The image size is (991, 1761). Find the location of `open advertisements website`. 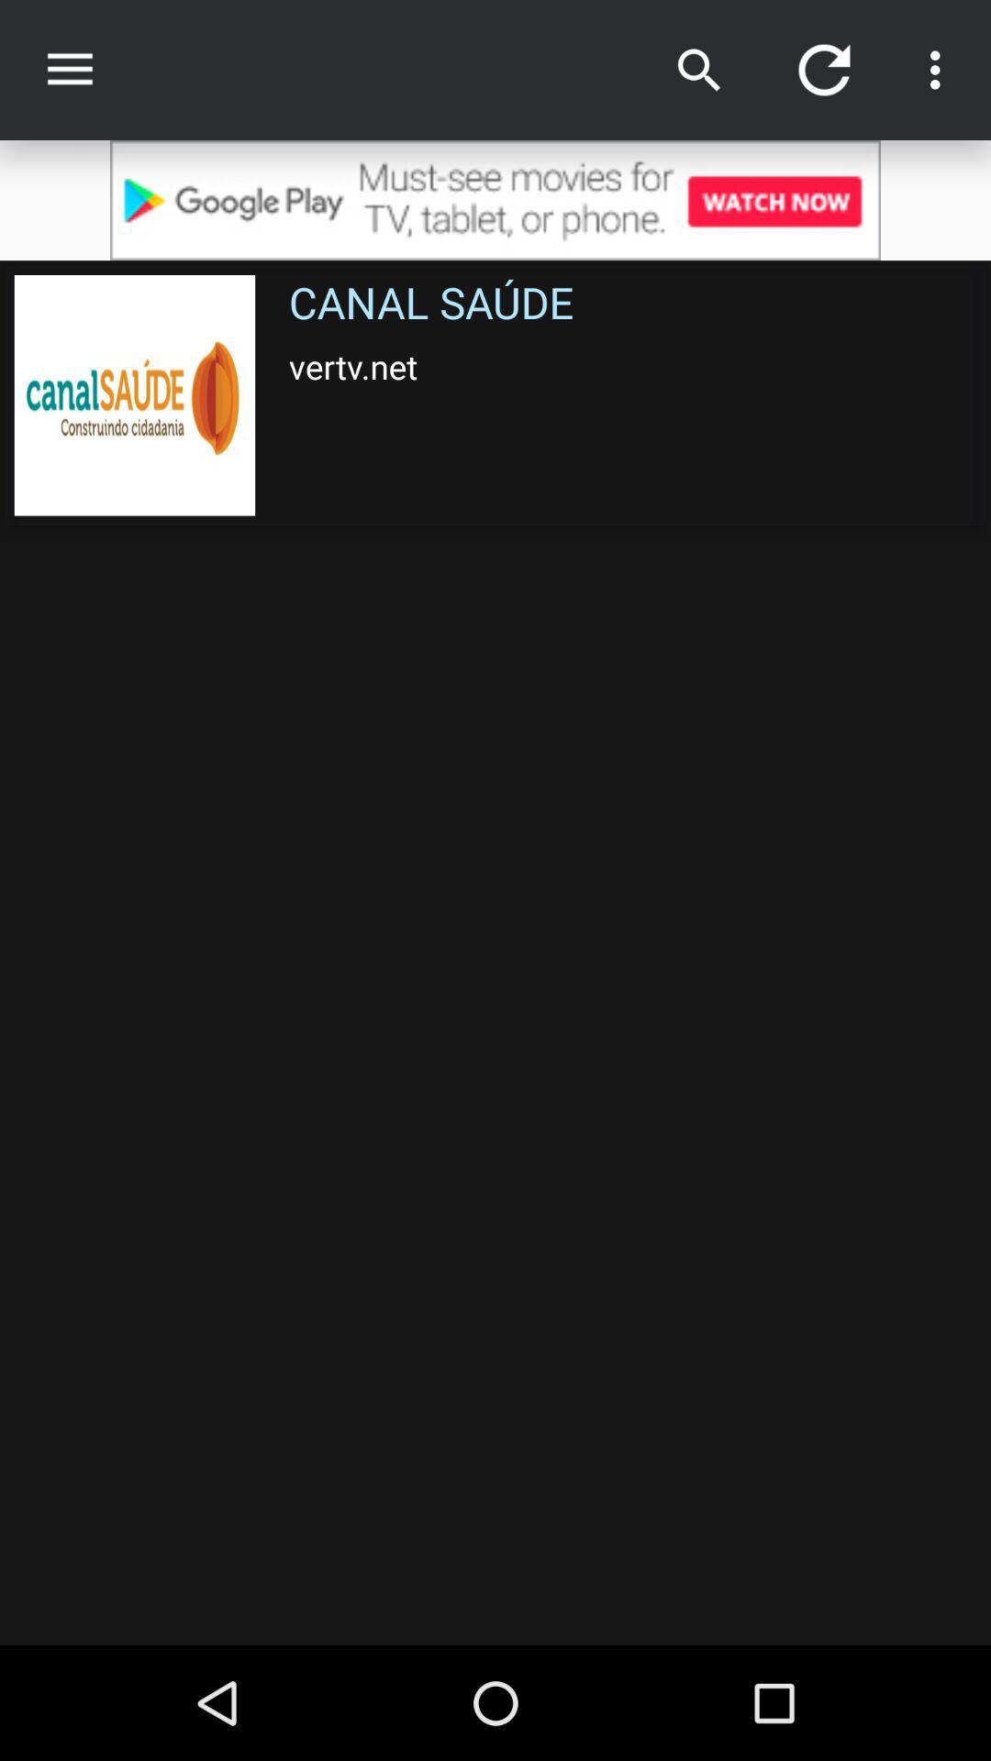

open advertisements website is located at coordinates (495, 200).